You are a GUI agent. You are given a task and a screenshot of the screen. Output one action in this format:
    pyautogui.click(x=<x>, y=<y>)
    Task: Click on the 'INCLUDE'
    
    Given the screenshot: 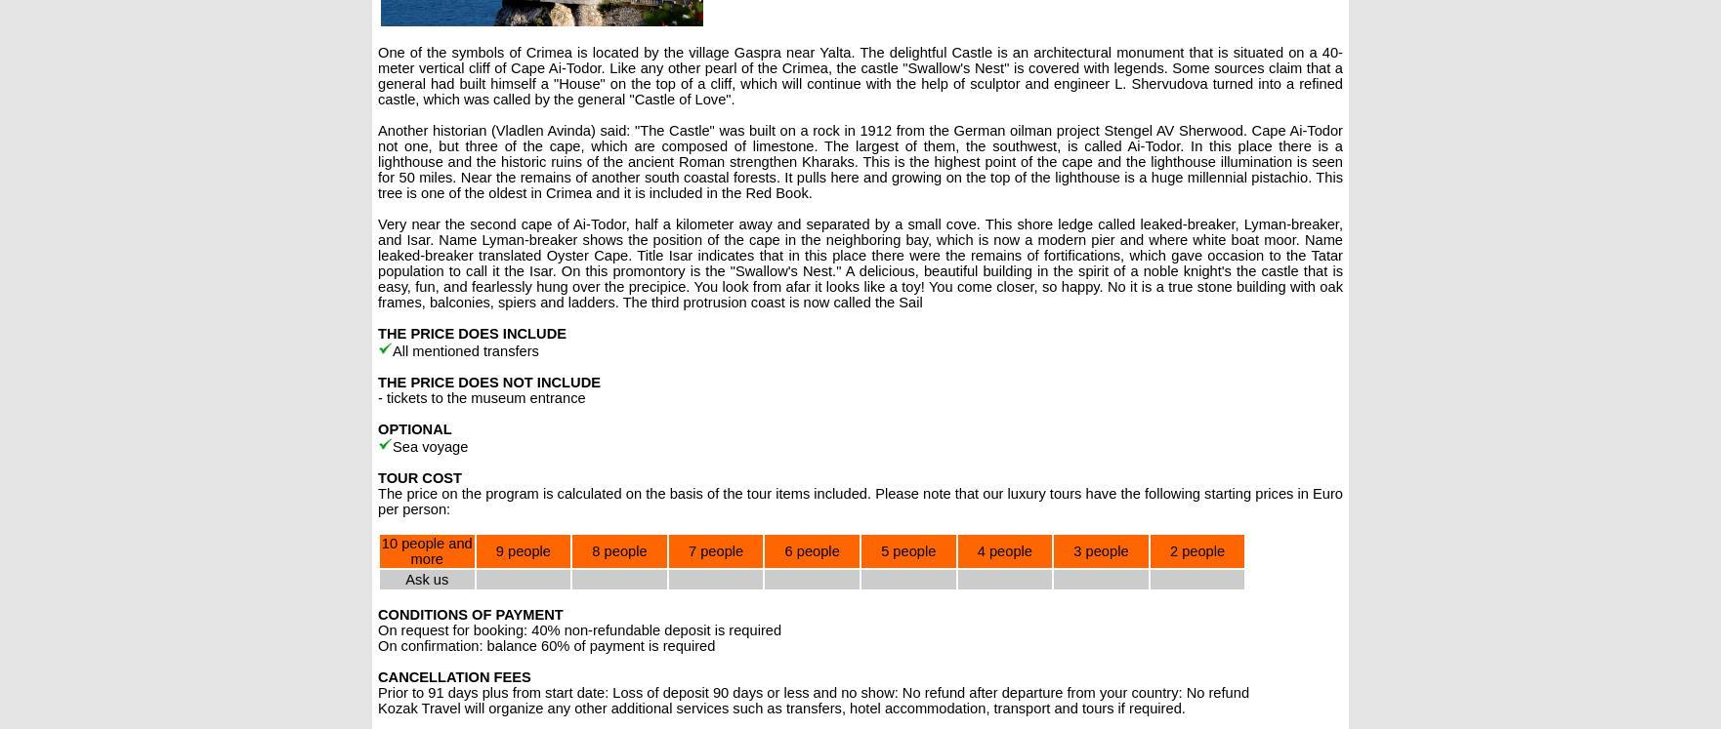 What is the action you would take?
    pyautogui.click(x=500, y=333)
    